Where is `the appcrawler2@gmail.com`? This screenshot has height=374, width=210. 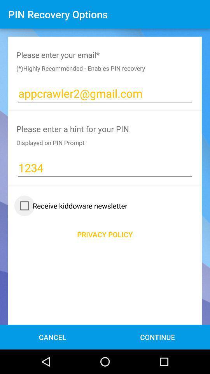
the appcrawler2@gmail.com is located at coordinates (105, 93).